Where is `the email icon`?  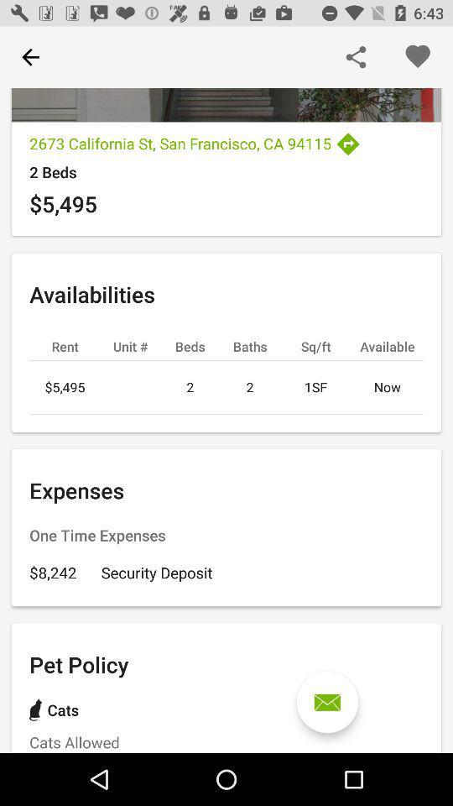 the email icon is located at coordinates (327, 702).